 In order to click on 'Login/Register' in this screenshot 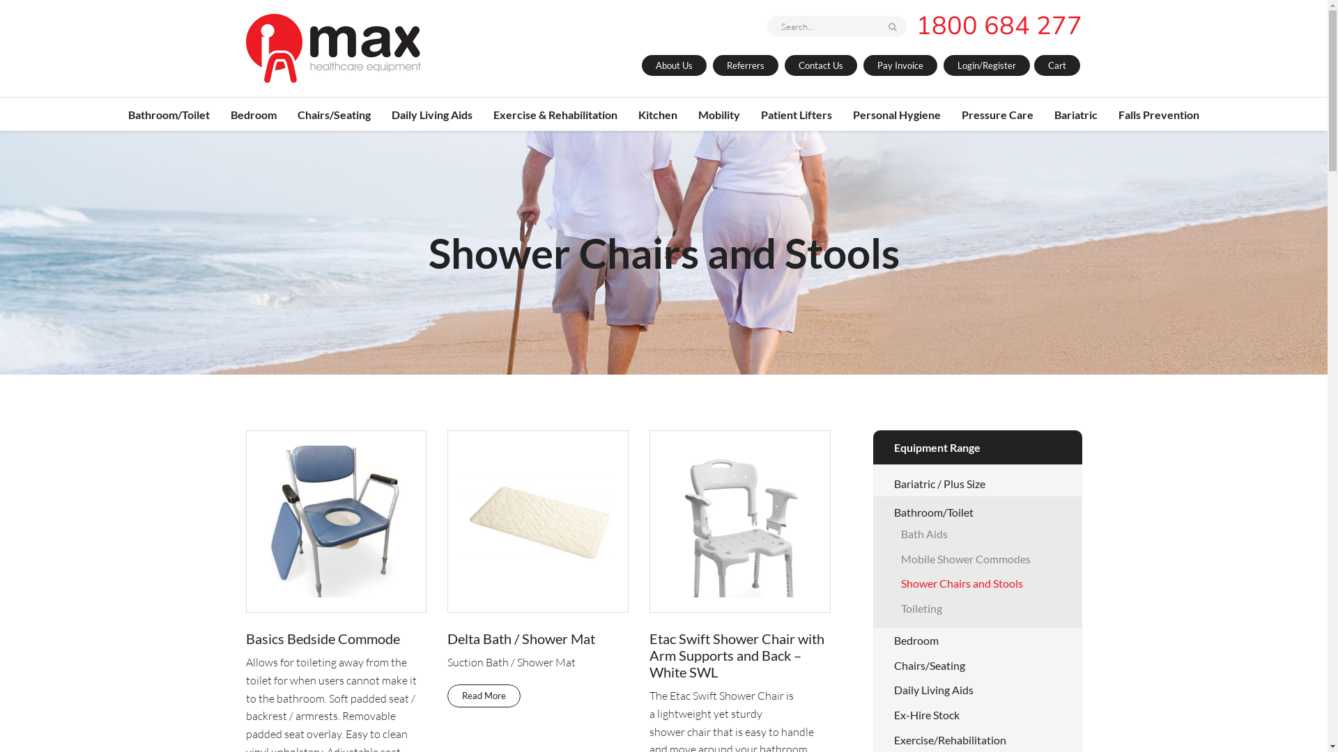, I will do `click(986, 65)`.